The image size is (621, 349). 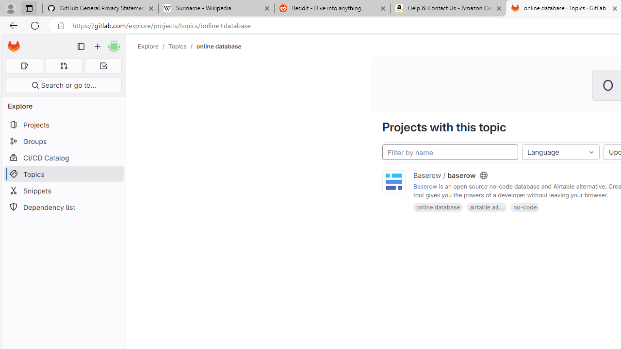 I want to click on 'Primary navigation sidebar', so click(x=81, y=47).